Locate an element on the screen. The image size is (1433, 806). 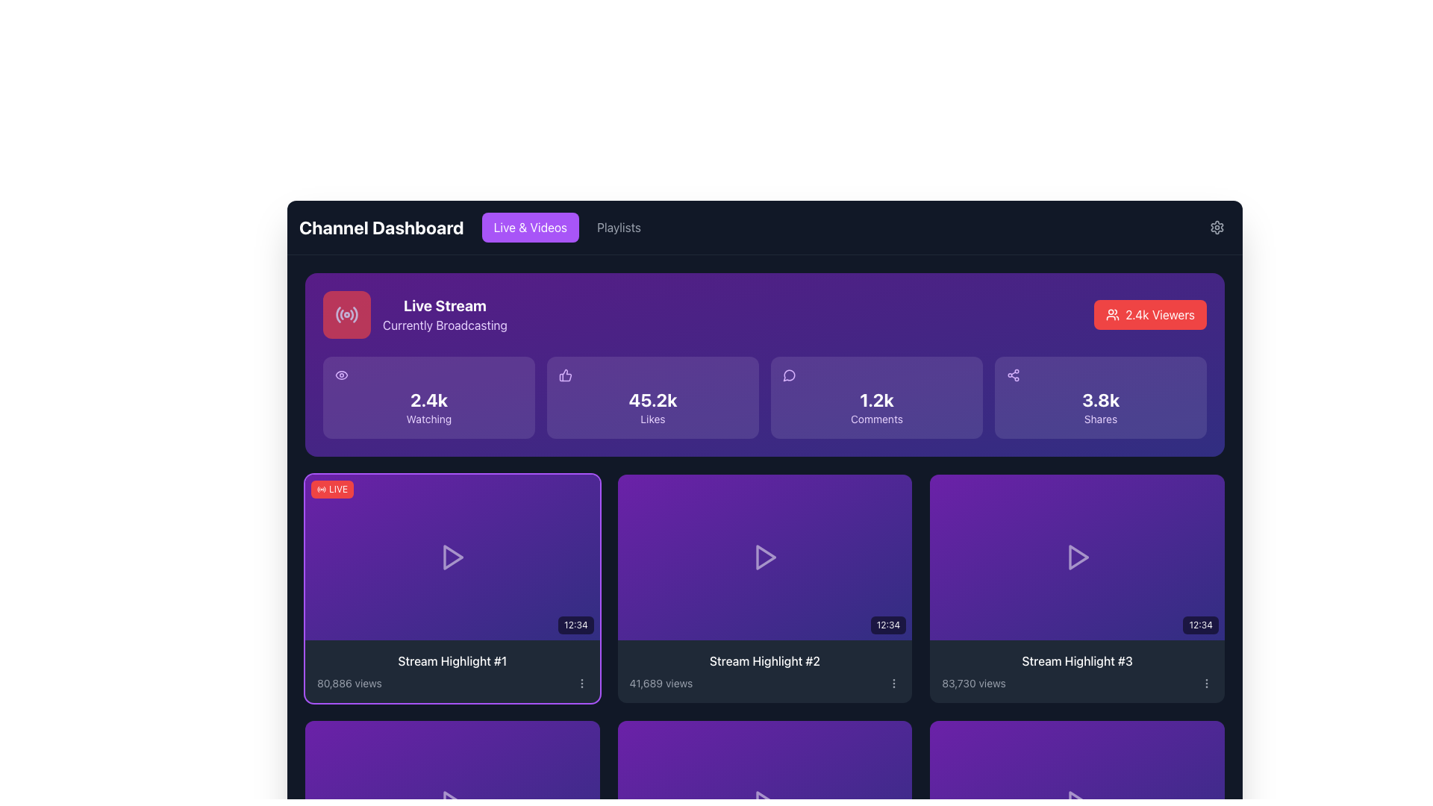
the vertical ellipsis icon located in the bottom-right section of the interface, next to '83,730 views' is located at coordinates (1207, 683).